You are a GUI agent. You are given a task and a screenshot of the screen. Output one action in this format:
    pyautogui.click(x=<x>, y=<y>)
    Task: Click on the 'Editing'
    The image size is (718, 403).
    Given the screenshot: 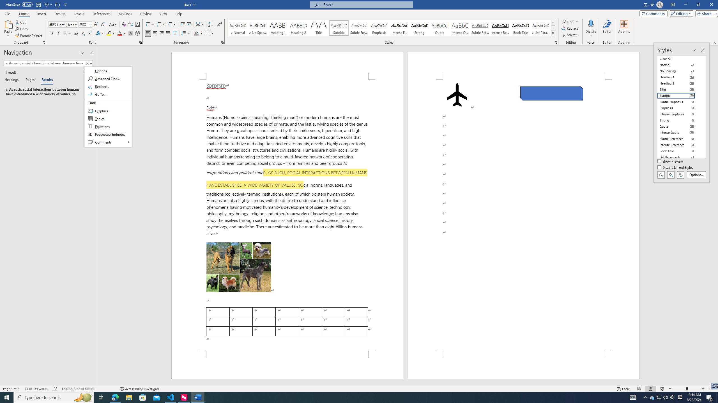 What is the action you would take?
    pyautogui.click(x=680, y=13)
    